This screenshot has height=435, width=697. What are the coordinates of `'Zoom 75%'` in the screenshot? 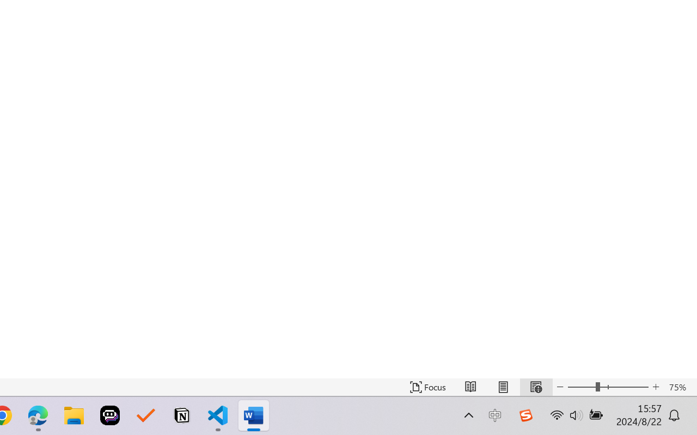 It's located at (680, 387).